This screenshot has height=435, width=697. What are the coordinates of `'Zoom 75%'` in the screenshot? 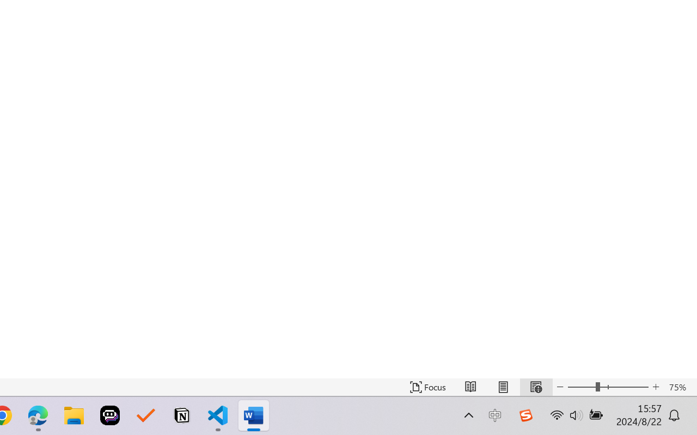 It's located at (680, 387).